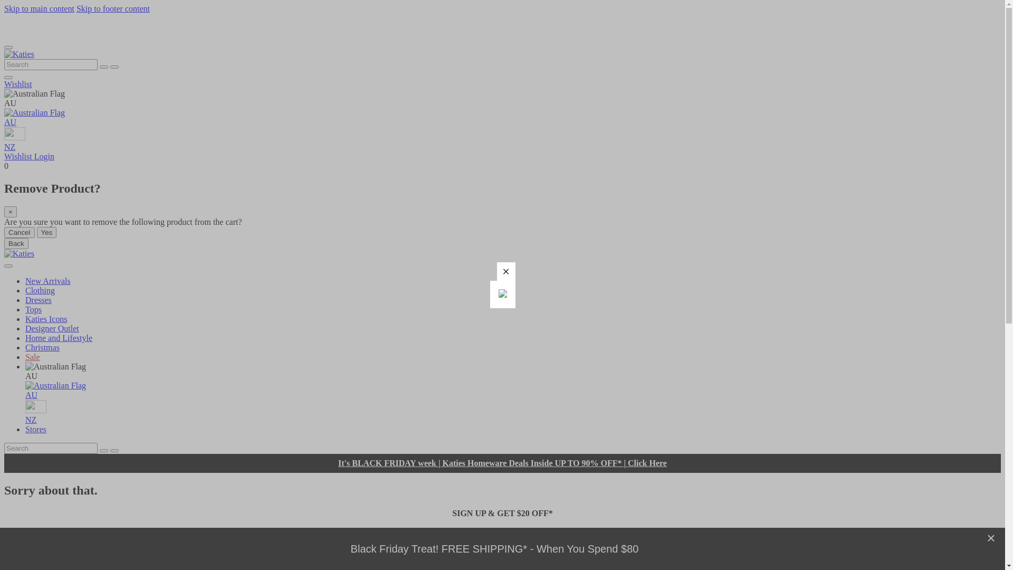 The image size is (1013, 570). What do you see at coordinates (35, 429) in the screenshot?
I see `'Stores'` at bounding box center [35, 429].